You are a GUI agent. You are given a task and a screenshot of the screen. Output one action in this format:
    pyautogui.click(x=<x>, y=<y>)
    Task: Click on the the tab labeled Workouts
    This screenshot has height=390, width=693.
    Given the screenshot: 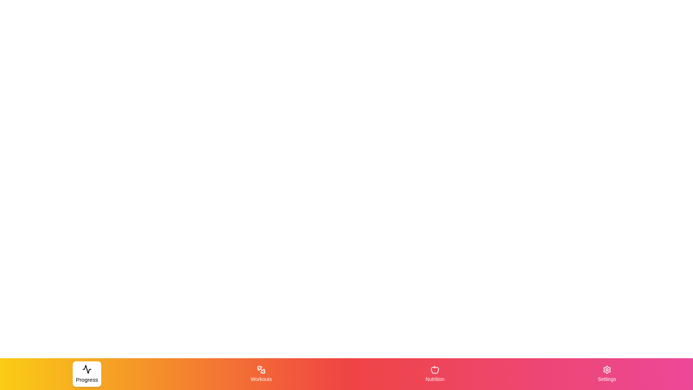 What is the action you would take?
    pyautogui.click(x=261, y=374)
    